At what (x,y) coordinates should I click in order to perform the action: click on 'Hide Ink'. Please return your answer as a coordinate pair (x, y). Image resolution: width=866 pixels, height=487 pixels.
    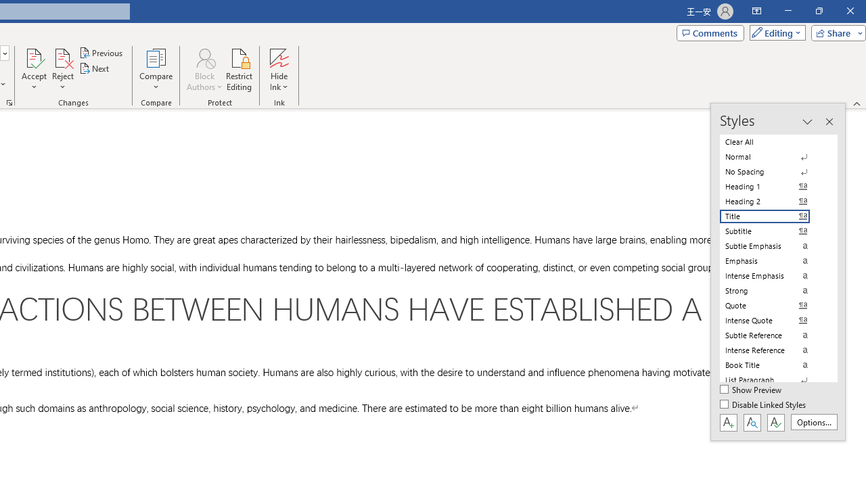
    Looking at the image, I should click on (278, 70).